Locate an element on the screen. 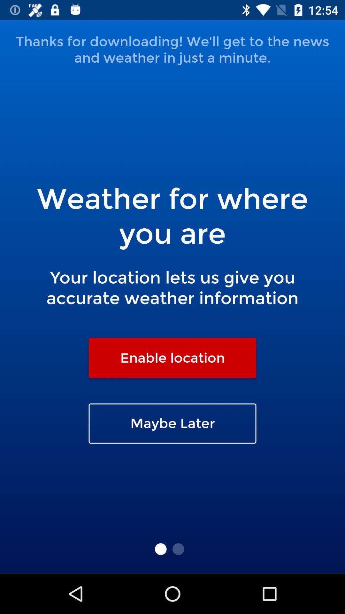 The height and width of the screenshot is (614, 345). enable location icon is located at coordinates (172, 358).